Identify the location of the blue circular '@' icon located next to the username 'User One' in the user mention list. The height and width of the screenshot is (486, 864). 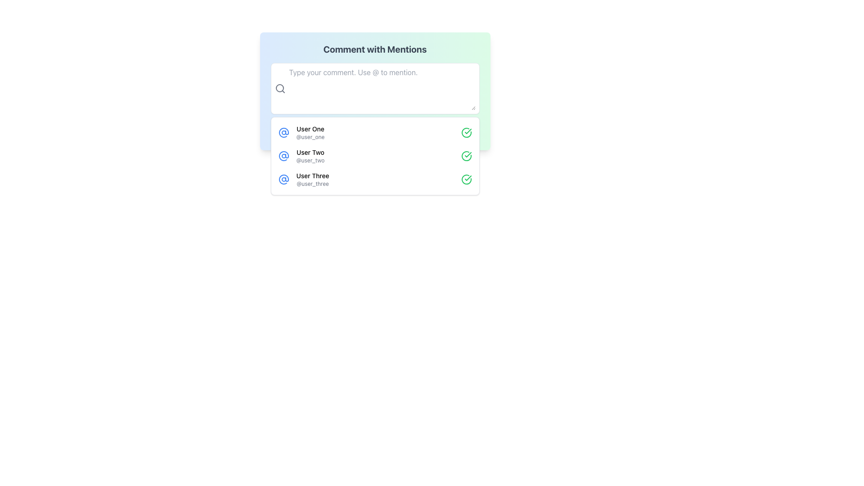
(283, 132).